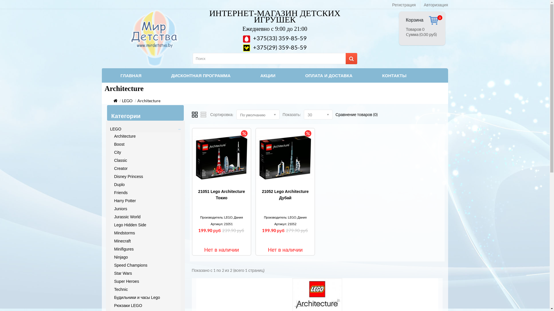  I want to click on 'Lego Hidden Side', so click(130, 224).